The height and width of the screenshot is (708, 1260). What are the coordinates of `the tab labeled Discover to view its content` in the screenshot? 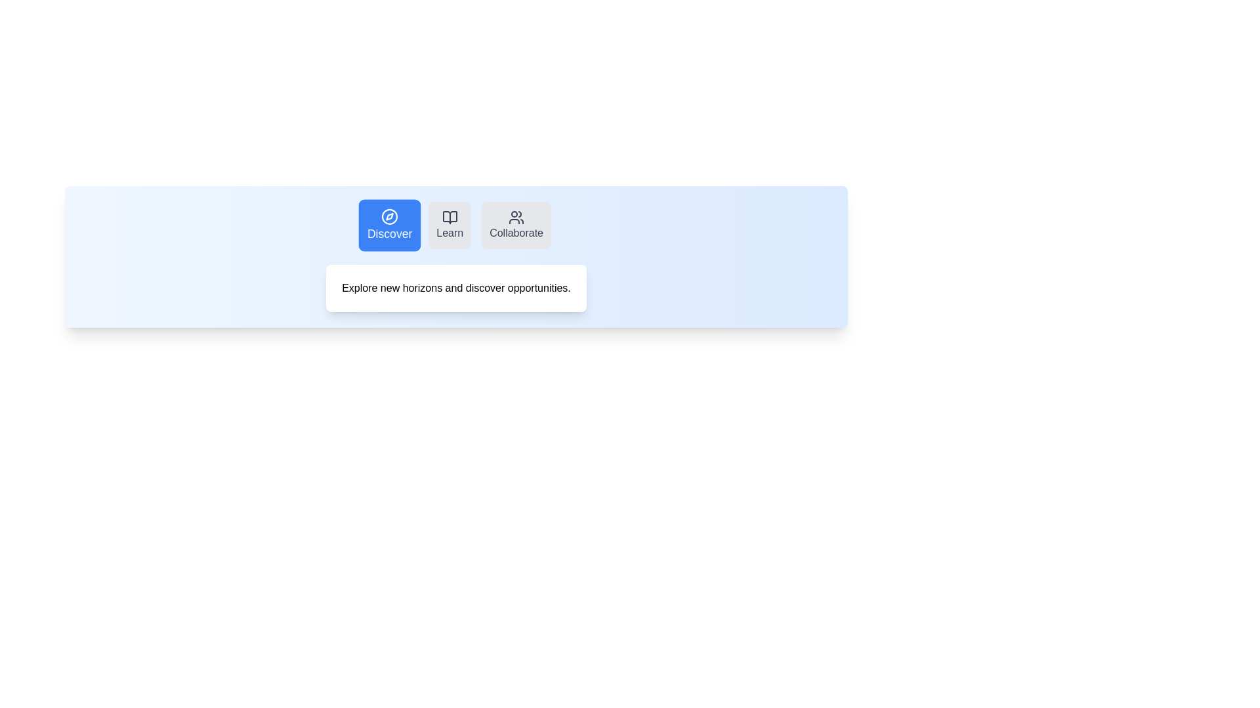 It's located at (389, 224).